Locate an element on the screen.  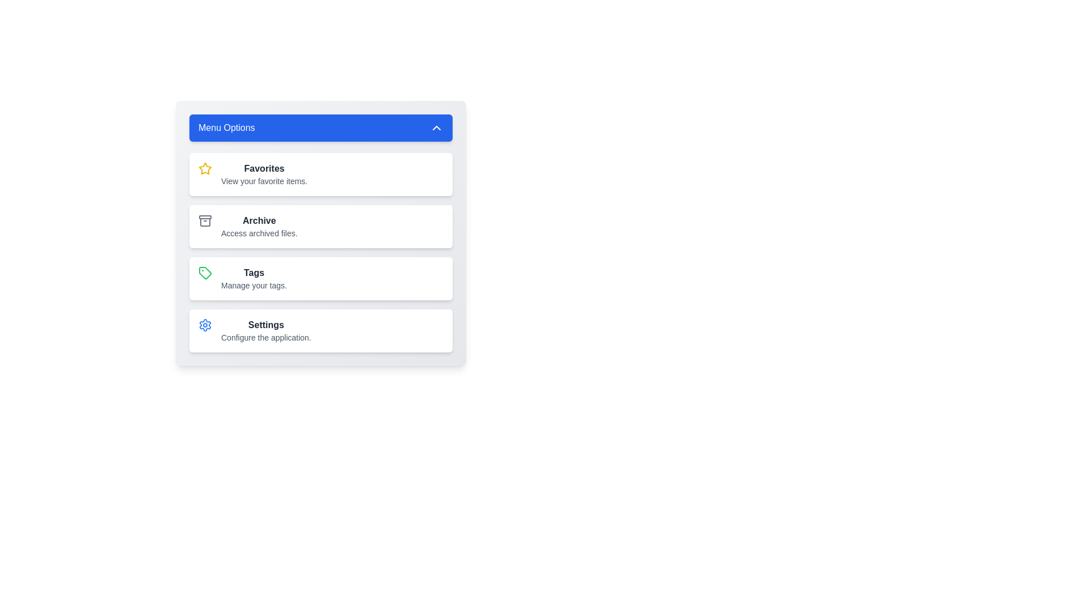
static text label 'Archive' which is the bolded title text in dark gray within the second menu card below 'Menu Options' is located at coordinates (259, 220).